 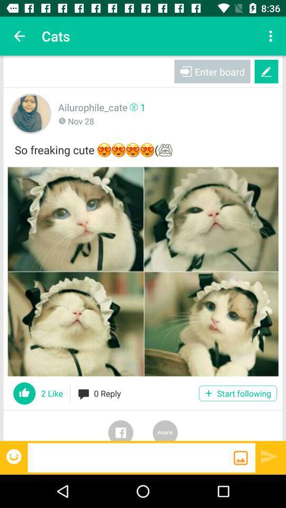 What do you see at coordinates (130, 457) in the screenshot?
I see `search the page` at bounding box center [130, 457].